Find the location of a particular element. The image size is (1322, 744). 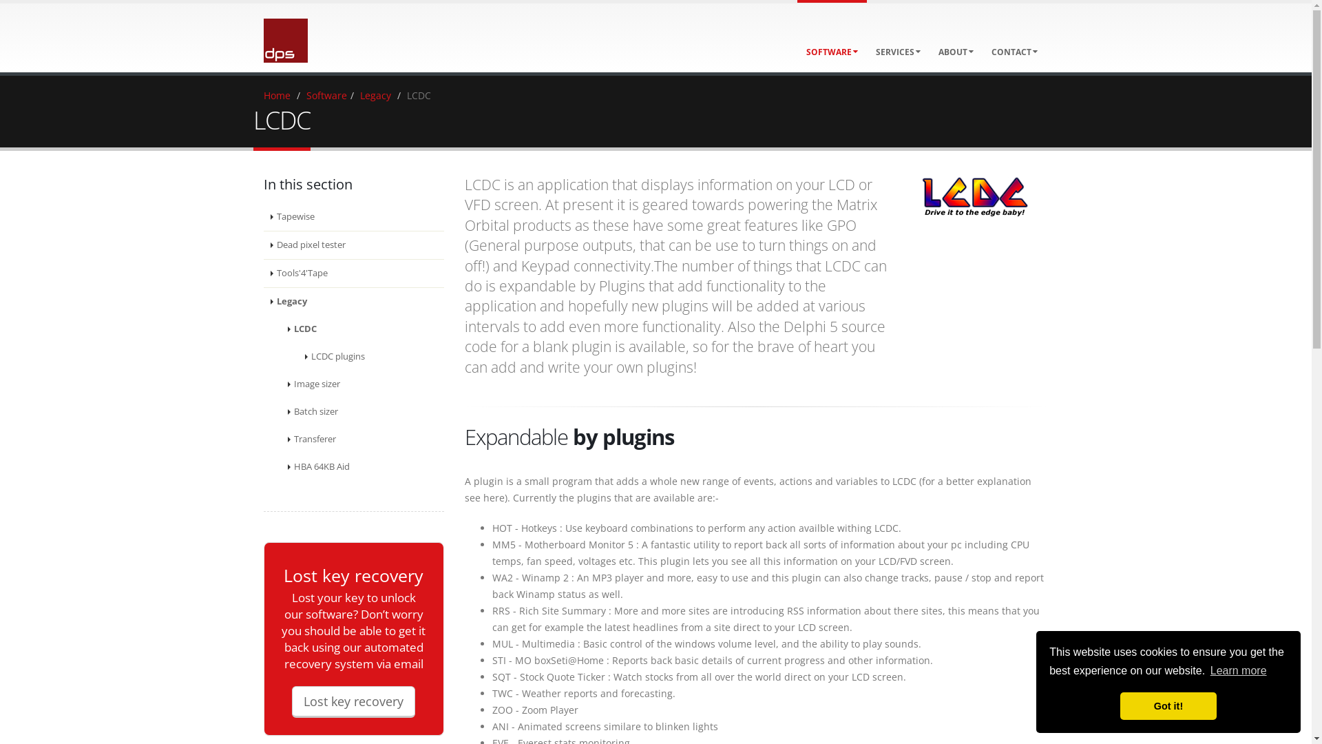

'Image sizer' is located at coordinates (280, 384).